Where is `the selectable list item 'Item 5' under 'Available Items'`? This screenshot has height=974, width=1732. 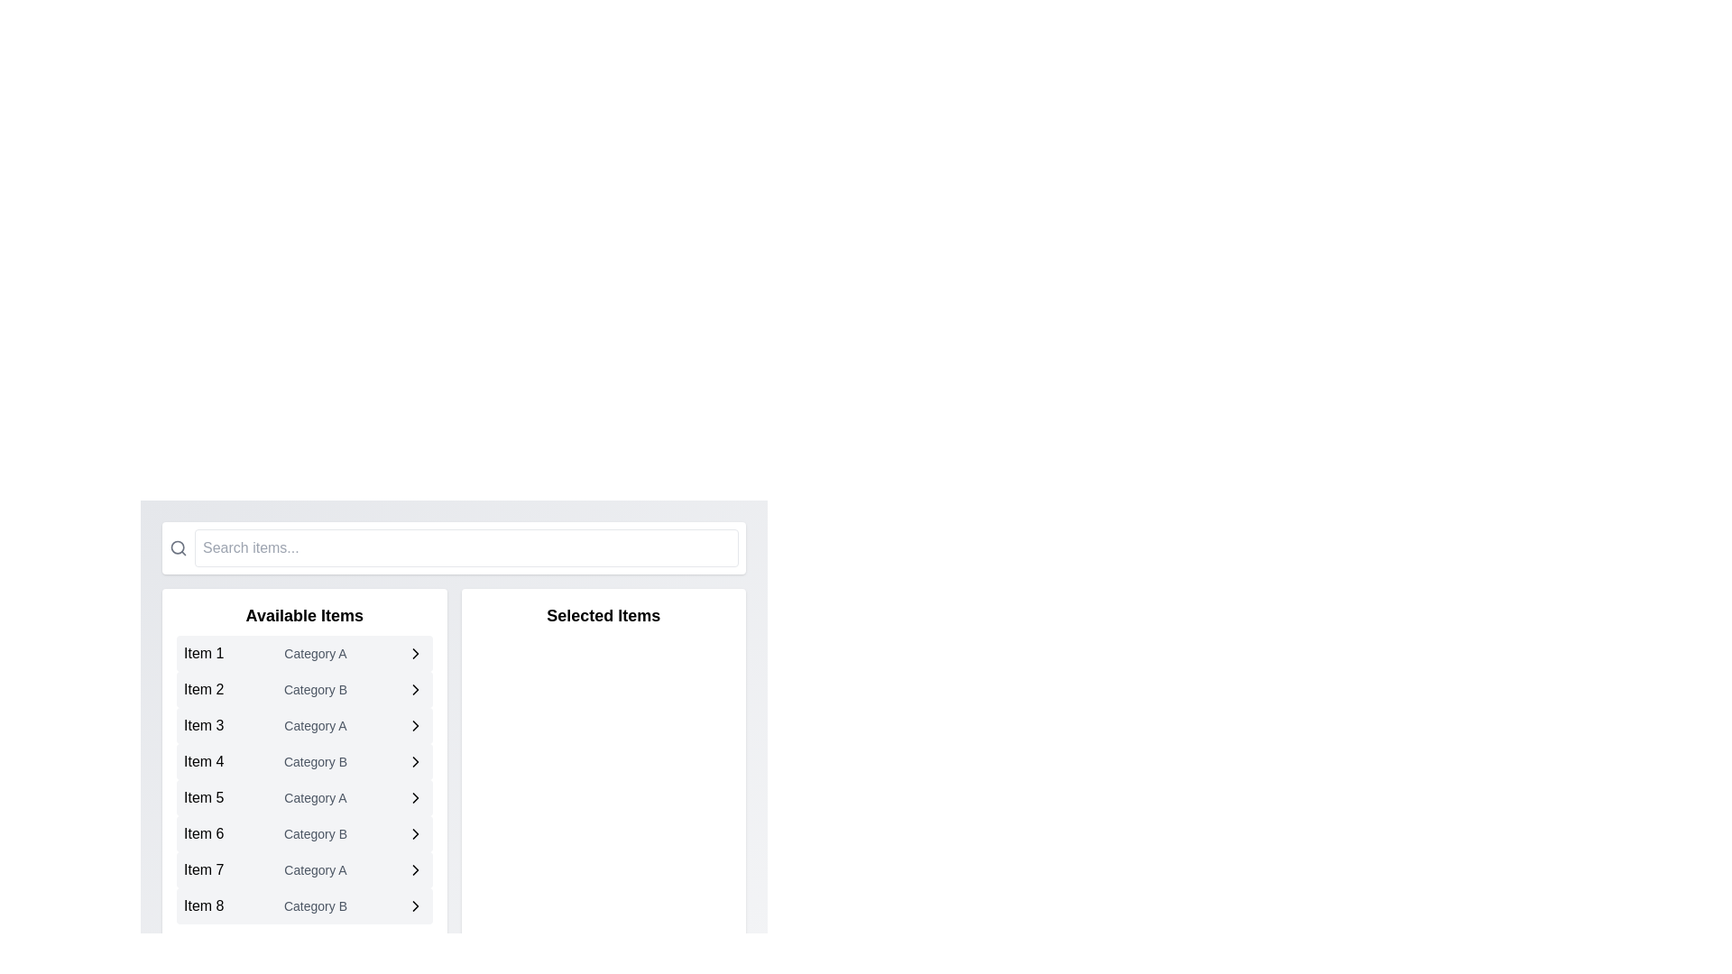
the selectable list item 'Item 5' under 'Available Items' is located at coordinates (304, 796).